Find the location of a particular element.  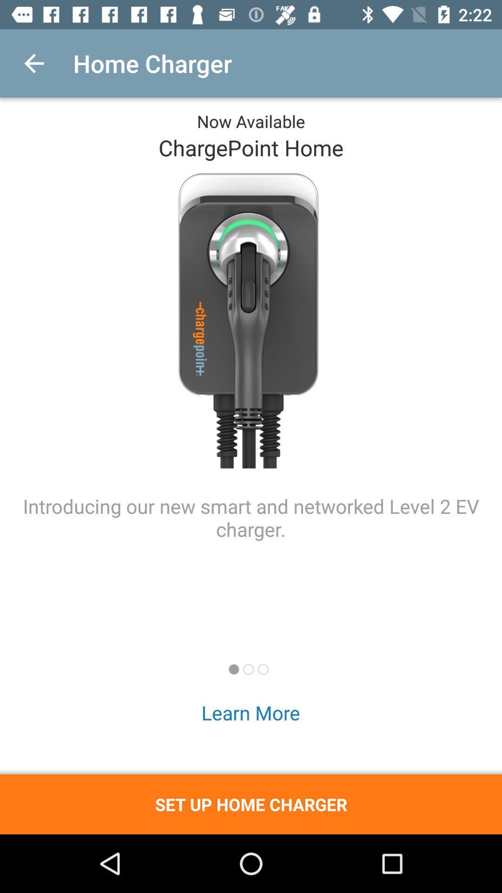

the icon above introducing our new is located at coordinates (33, 63).